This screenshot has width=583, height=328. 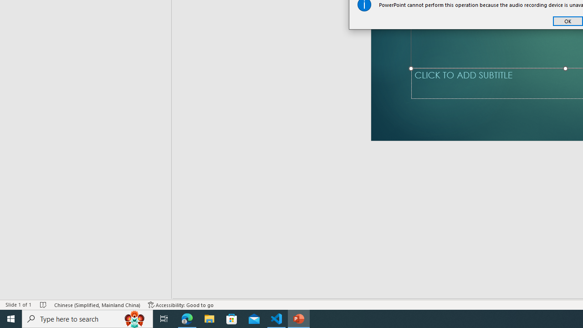 I want to click on 'Type here to search', so click(x=87, y=318).